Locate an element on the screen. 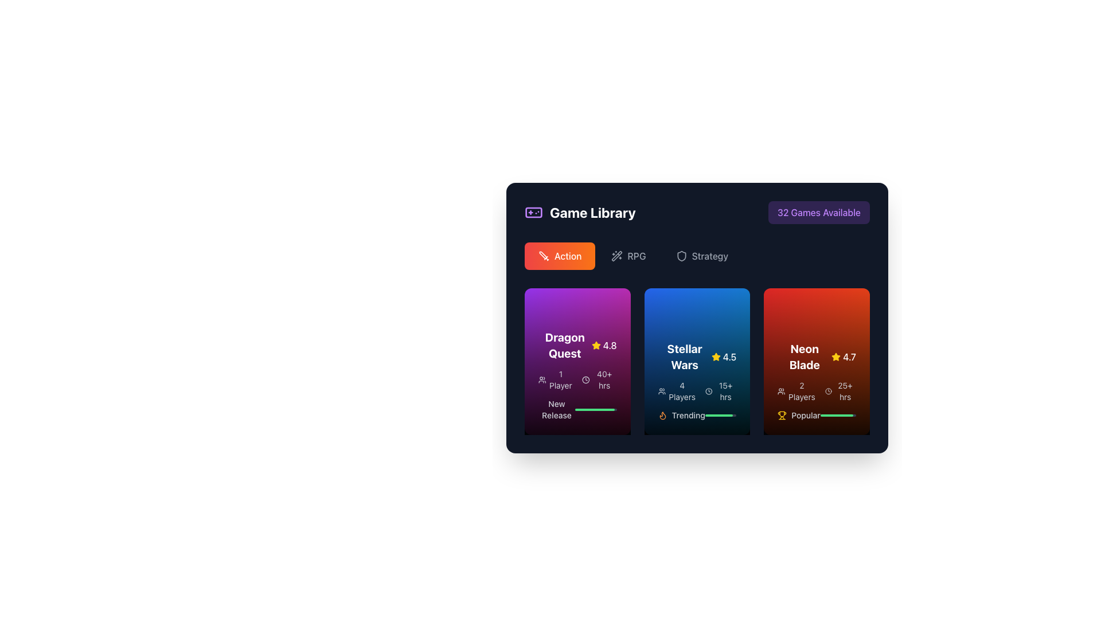  the game title text label located in the first card from the left in the row of three cards is located at coordinates (565, 344).